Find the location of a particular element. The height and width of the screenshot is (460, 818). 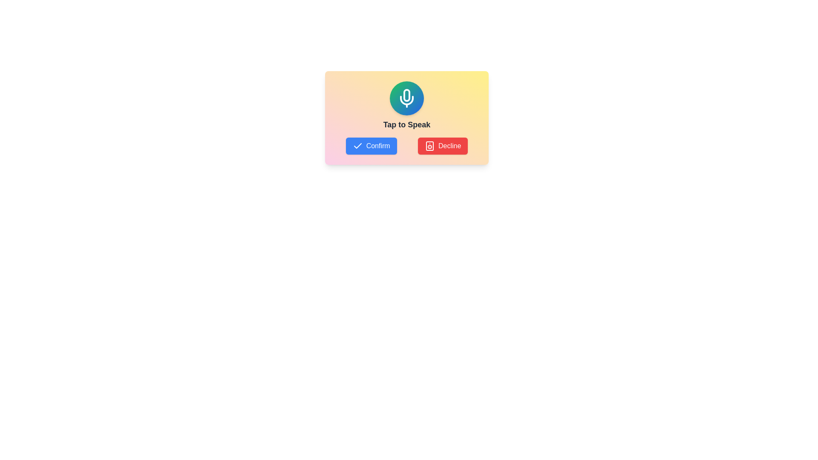

the Interactive icon with label is located at coordinates (406, 106).